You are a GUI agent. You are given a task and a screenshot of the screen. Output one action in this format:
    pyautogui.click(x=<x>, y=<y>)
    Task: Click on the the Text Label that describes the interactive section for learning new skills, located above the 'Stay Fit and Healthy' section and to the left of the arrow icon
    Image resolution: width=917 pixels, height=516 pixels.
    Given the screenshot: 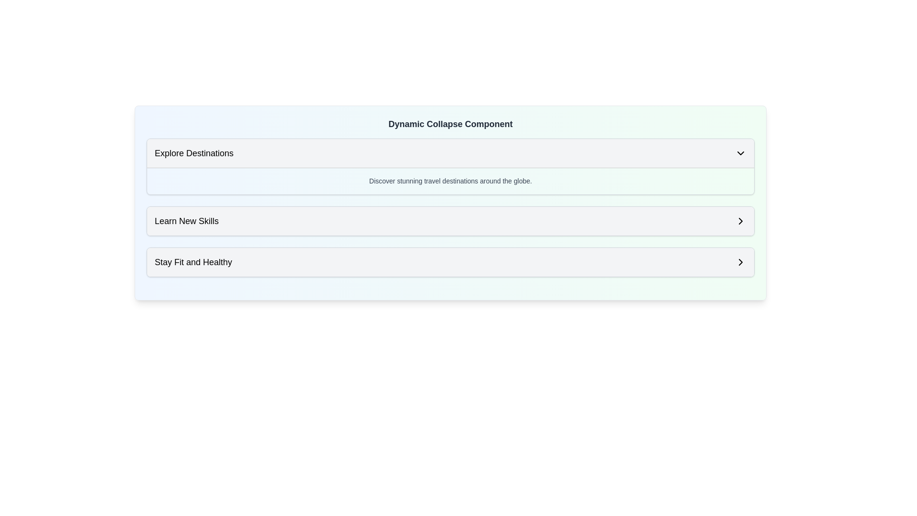 What is the action you would take?
    pyautogui.click(x=187, y=221)
    